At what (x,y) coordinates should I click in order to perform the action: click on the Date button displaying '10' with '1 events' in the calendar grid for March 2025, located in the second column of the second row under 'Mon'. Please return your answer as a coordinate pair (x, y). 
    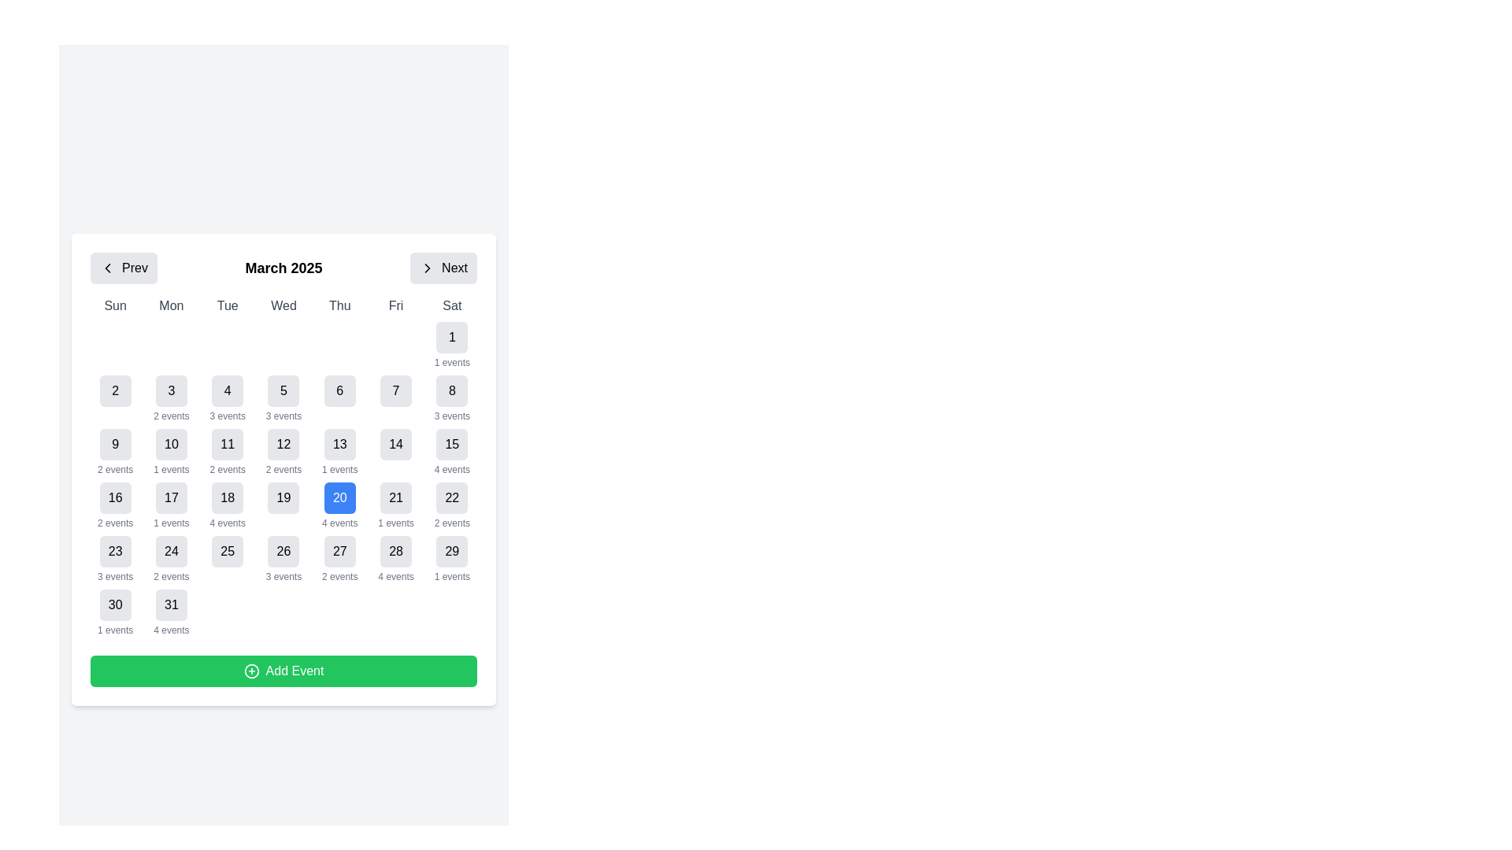
    Looking at the image, I should click on (171, 452).